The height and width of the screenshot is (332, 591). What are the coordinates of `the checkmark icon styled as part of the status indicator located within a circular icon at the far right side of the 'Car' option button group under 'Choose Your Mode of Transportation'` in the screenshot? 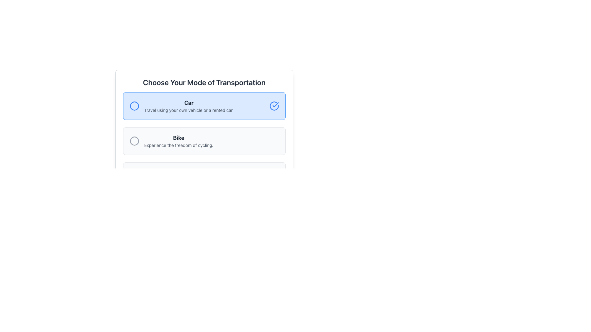 It's located at (275, 104).